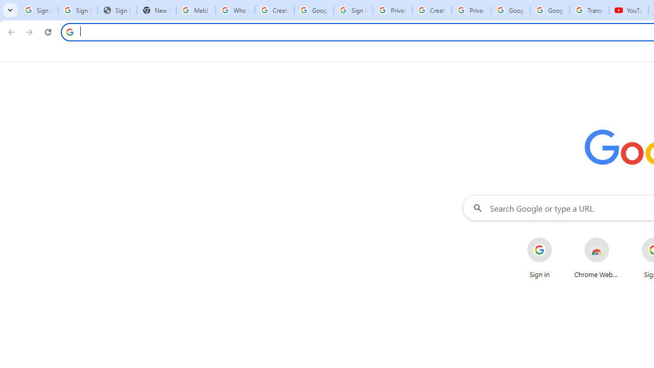 Image resolution: width=654 pixels, height=368 pixels. What do you see at coordinates (235, 10) in the screenshot?
I see `'Who is my administrator? - Google Account Help'` at bounding box center [235, 10].